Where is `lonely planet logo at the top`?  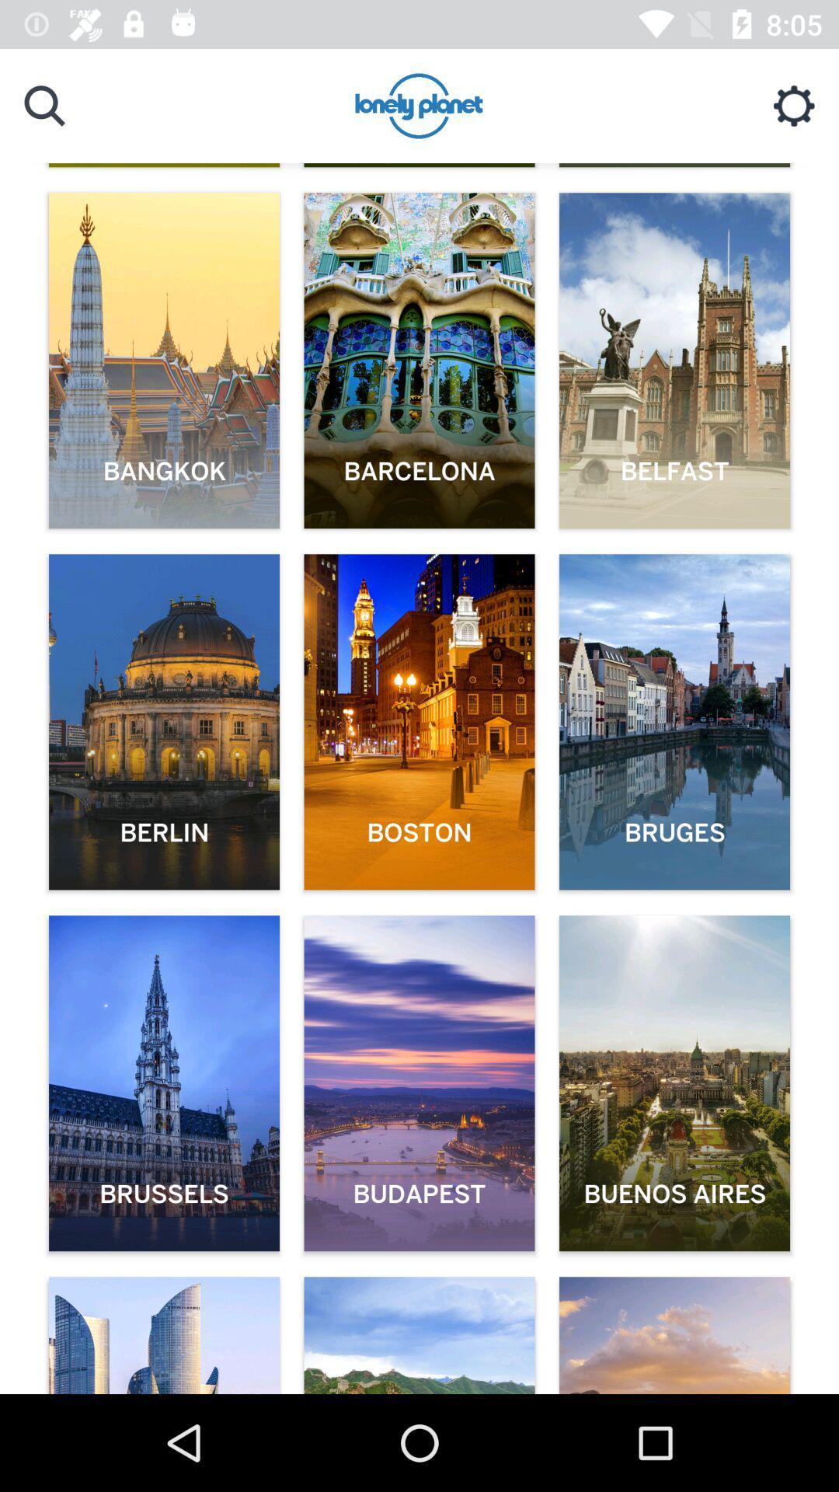 lonely planet logo at the top is located at coordinates (419, 107).